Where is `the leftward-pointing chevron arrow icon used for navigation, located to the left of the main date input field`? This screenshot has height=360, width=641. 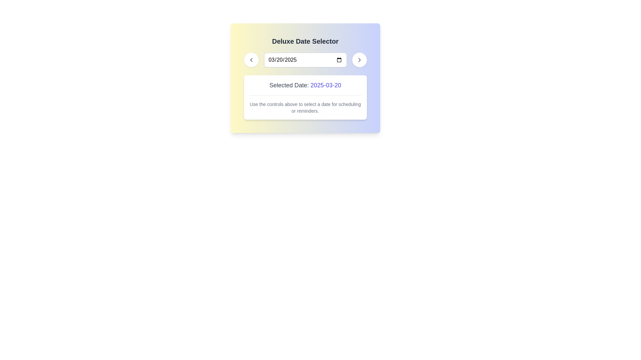
the leftward-pointing chevron arrow icon used for navigation, located to the left of the main date input field is located at coordinates (251, 60).